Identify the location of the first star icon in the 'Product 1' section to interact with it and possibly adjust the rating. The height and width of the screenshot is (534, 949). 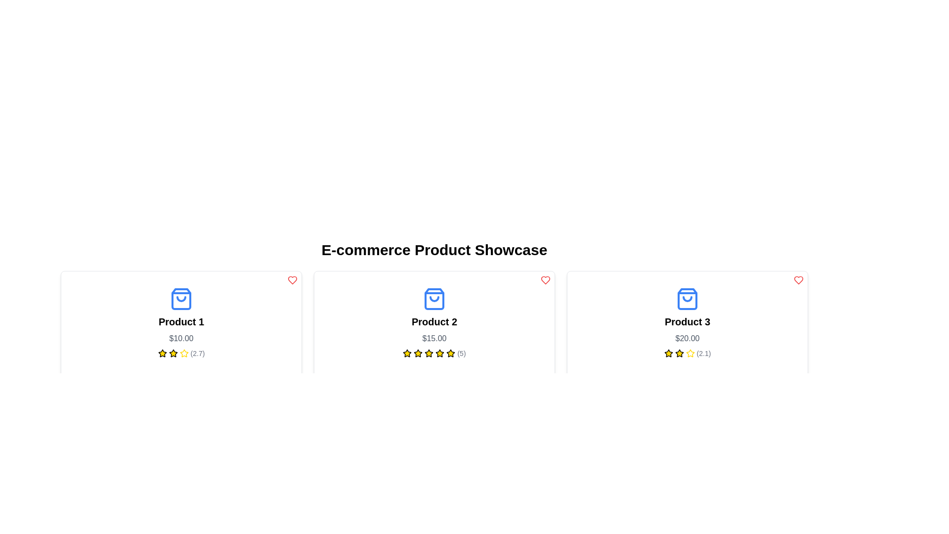
(173, 353).